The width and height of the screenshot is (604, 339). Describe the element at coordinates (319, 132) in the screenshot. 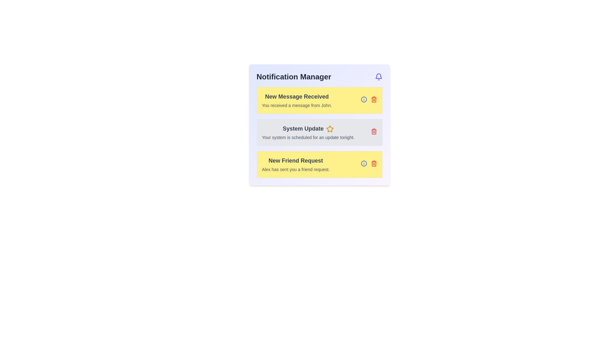

I see `notification details for the 'System Update' item in the Notification panel, which includes the title in bold and the description below it` at that location.